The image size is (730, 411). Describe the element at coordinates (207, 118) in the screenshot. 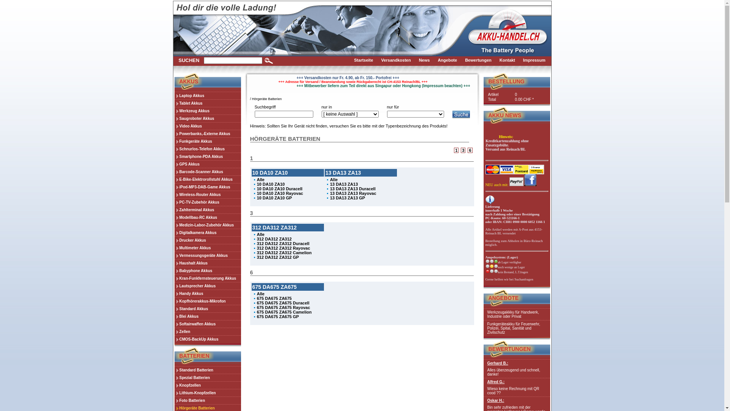

I see `'Saugroboter Akkus'` at that location.